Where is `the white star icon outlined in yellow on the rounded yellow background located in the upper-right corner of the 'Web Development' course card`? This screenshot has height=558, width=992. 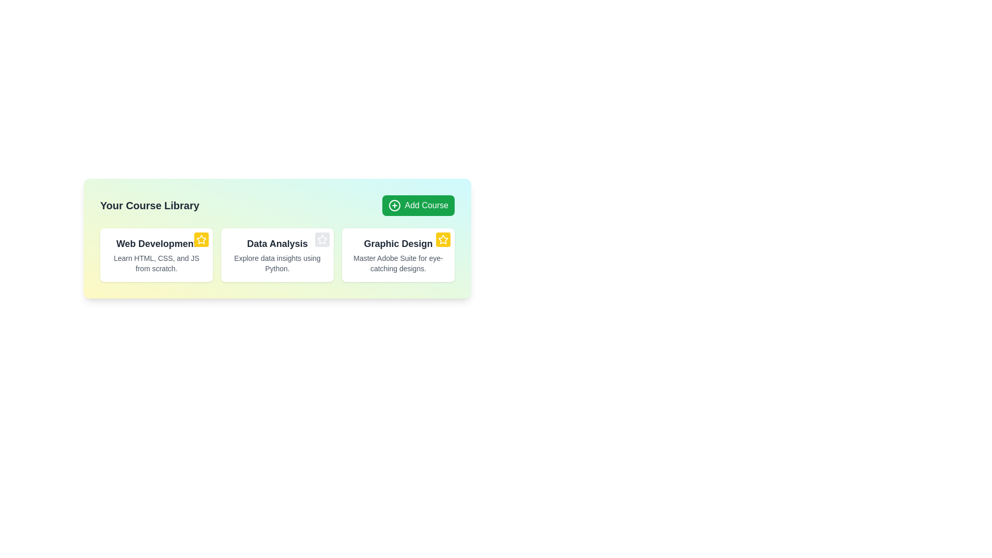
the white star icon outlined in yellow on the rounded yellow background located in the upper-right corner of the 'Web Development' course card is located at coordinates (201, 239).